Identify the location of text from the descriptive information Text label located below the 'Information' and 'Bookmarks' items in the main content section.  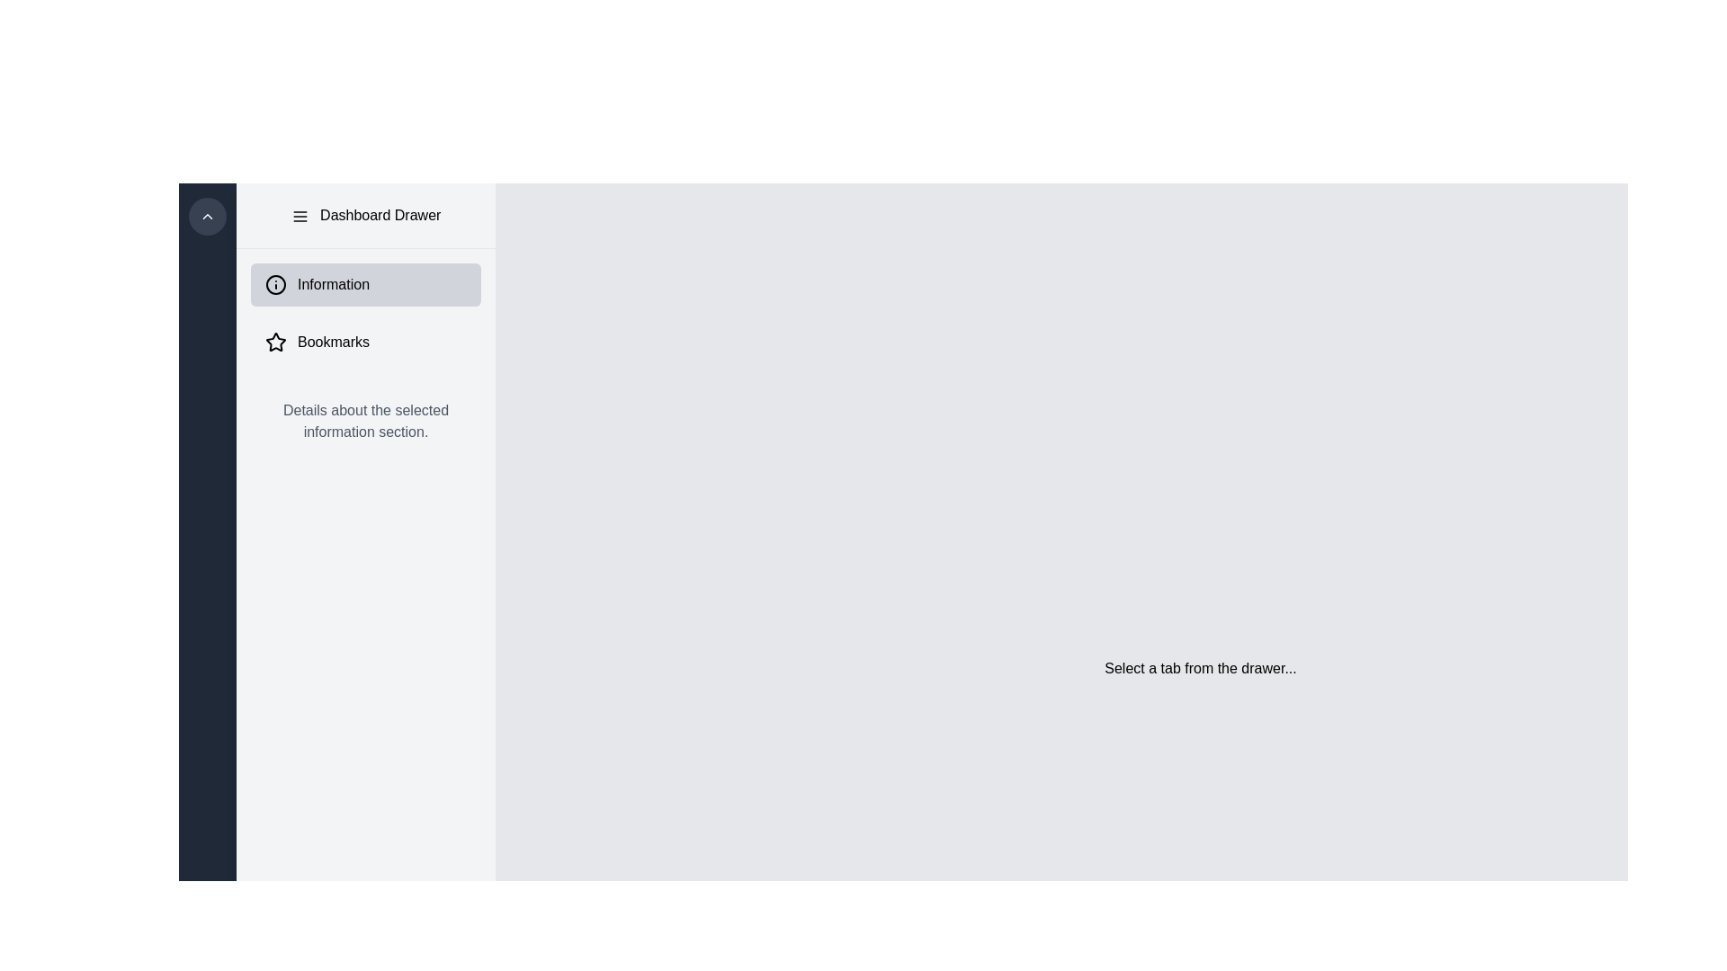
(365, 422).